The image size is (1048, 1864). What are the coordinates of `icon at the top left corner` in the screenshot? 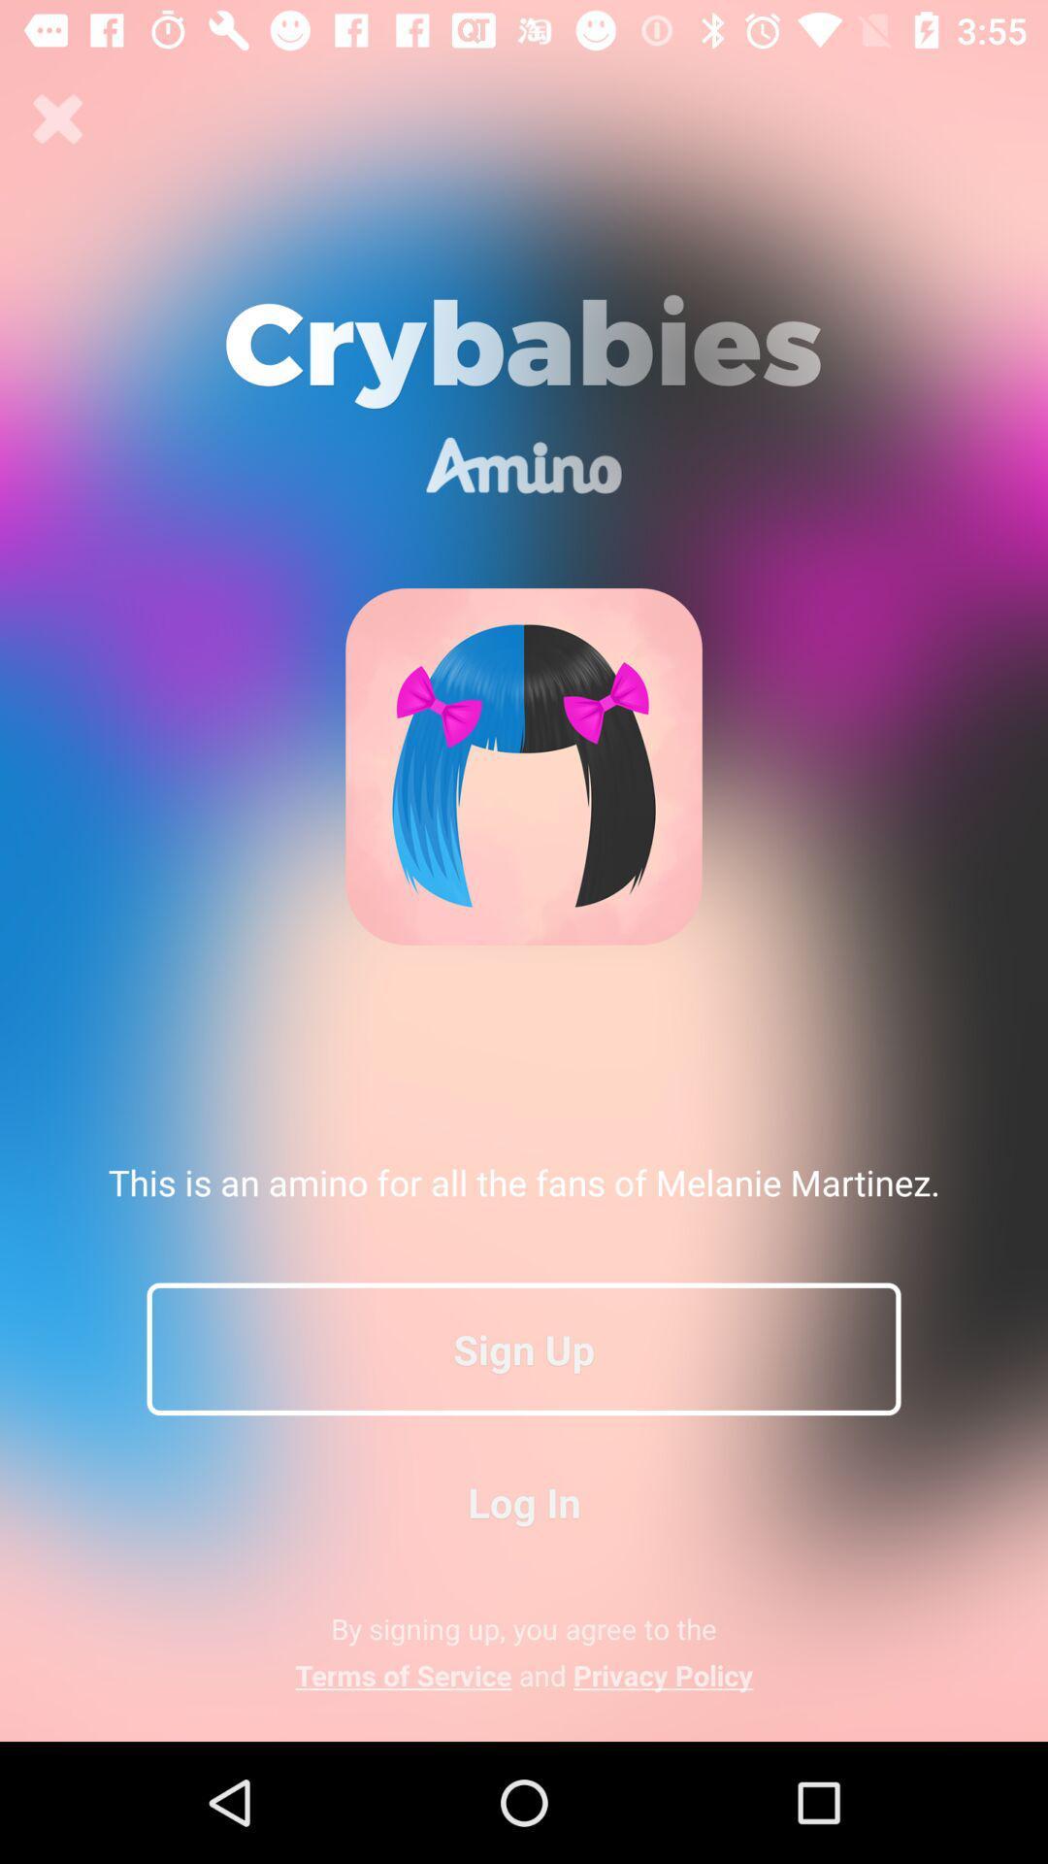 It's located at (57, 118).